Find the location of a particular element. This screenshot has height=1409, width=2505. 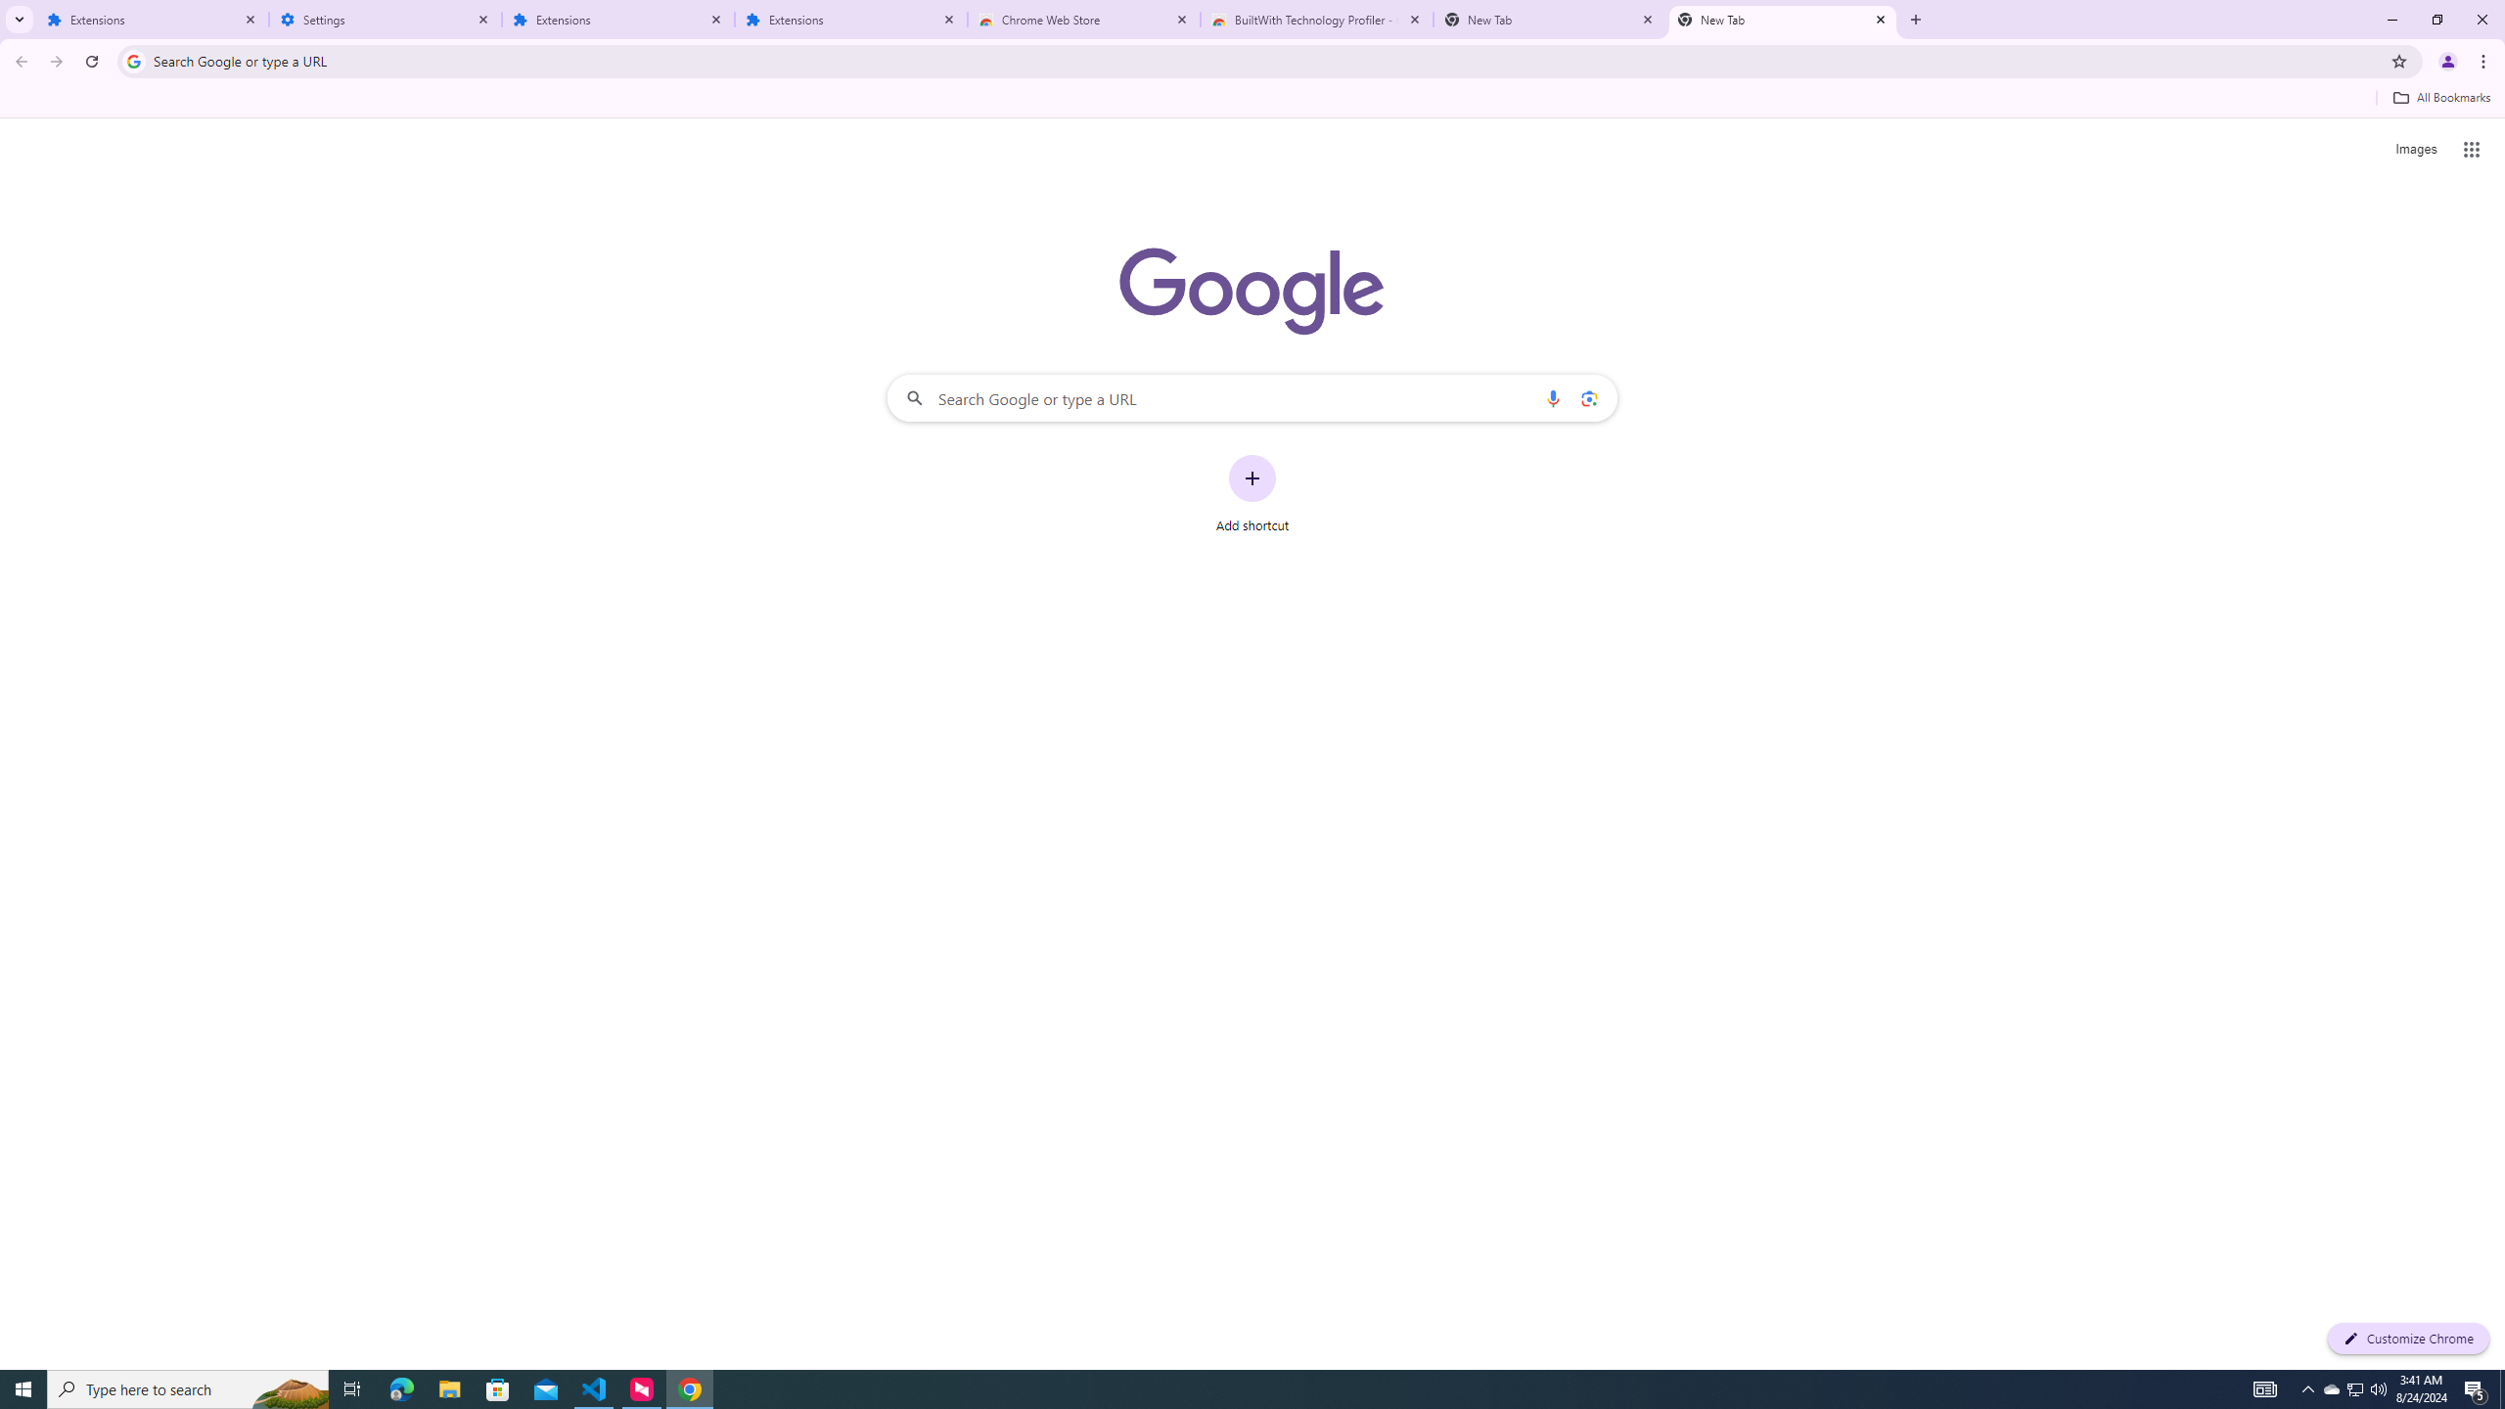

'Search by voice' is located at coordinates (1552, 396).